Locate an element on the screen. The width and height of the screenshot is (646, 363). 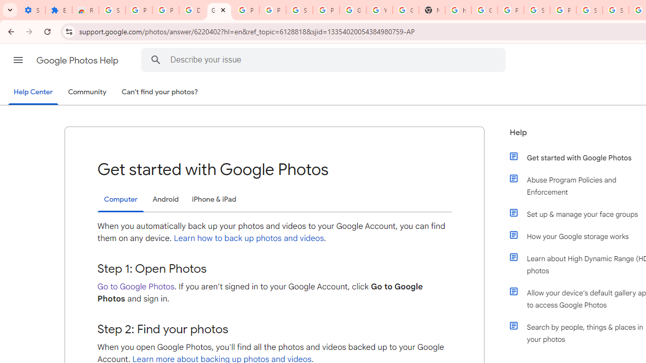
'Learn how to back up photos and videos' is located at coordinates (249, 238).